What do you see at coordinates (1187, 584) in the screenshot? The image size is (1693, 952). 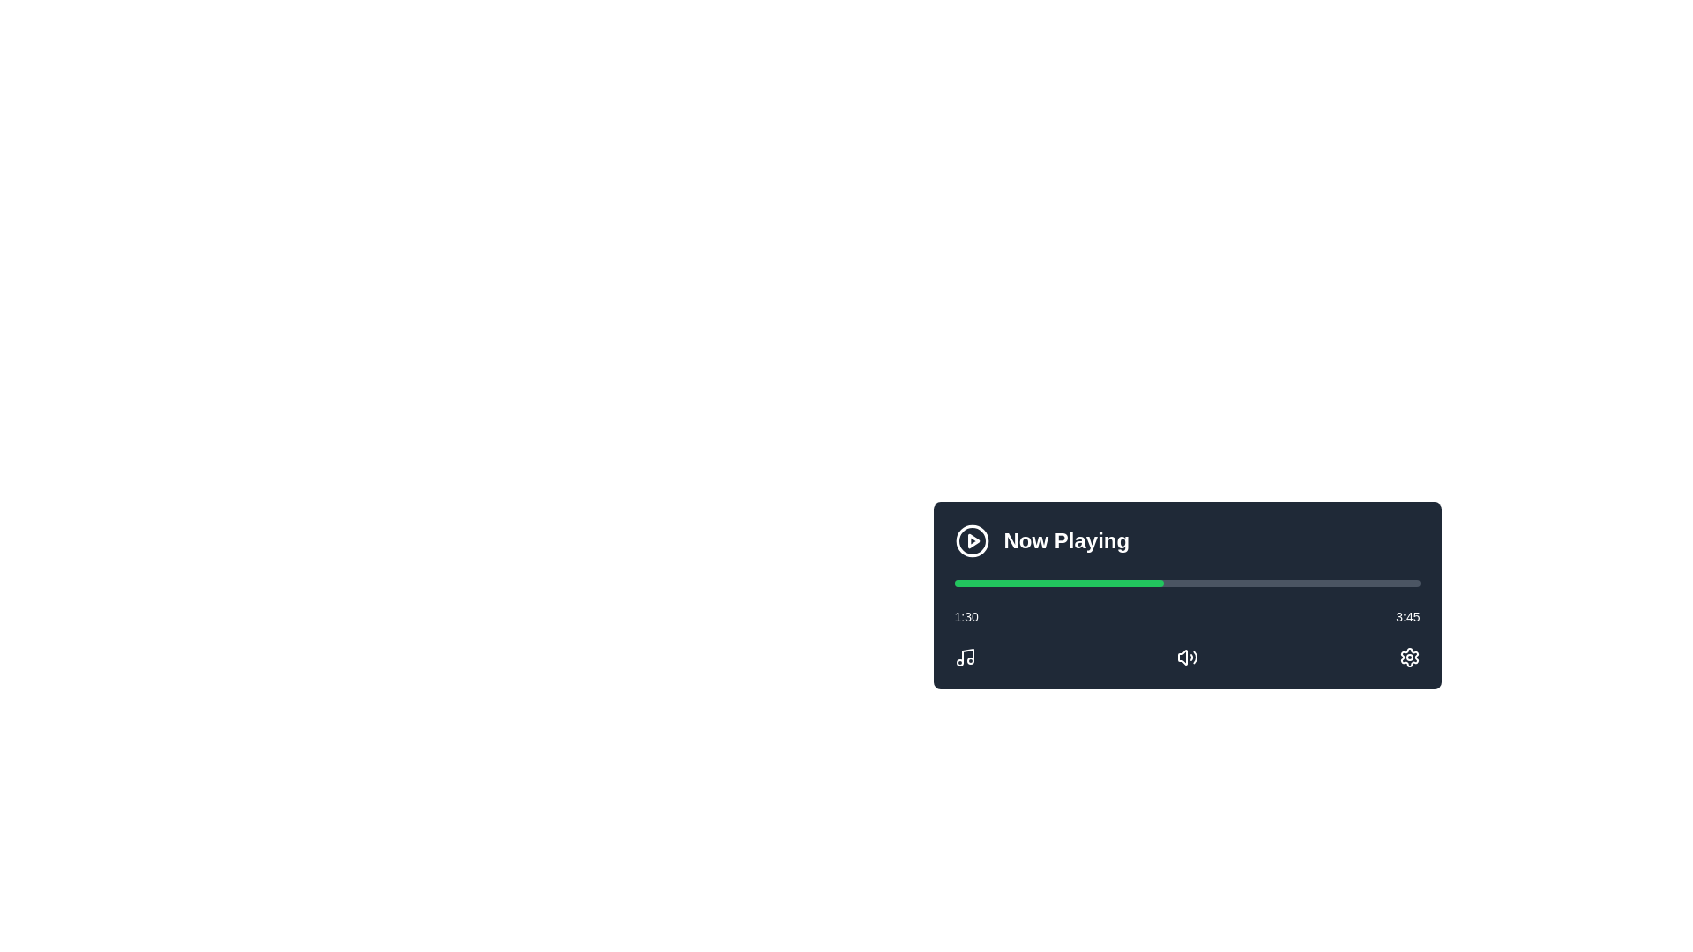 I see `the slim rounded progress bar with a gray background and a green filled portion, located below the 'Now Playing' text` at bounding box center [1187, 584].